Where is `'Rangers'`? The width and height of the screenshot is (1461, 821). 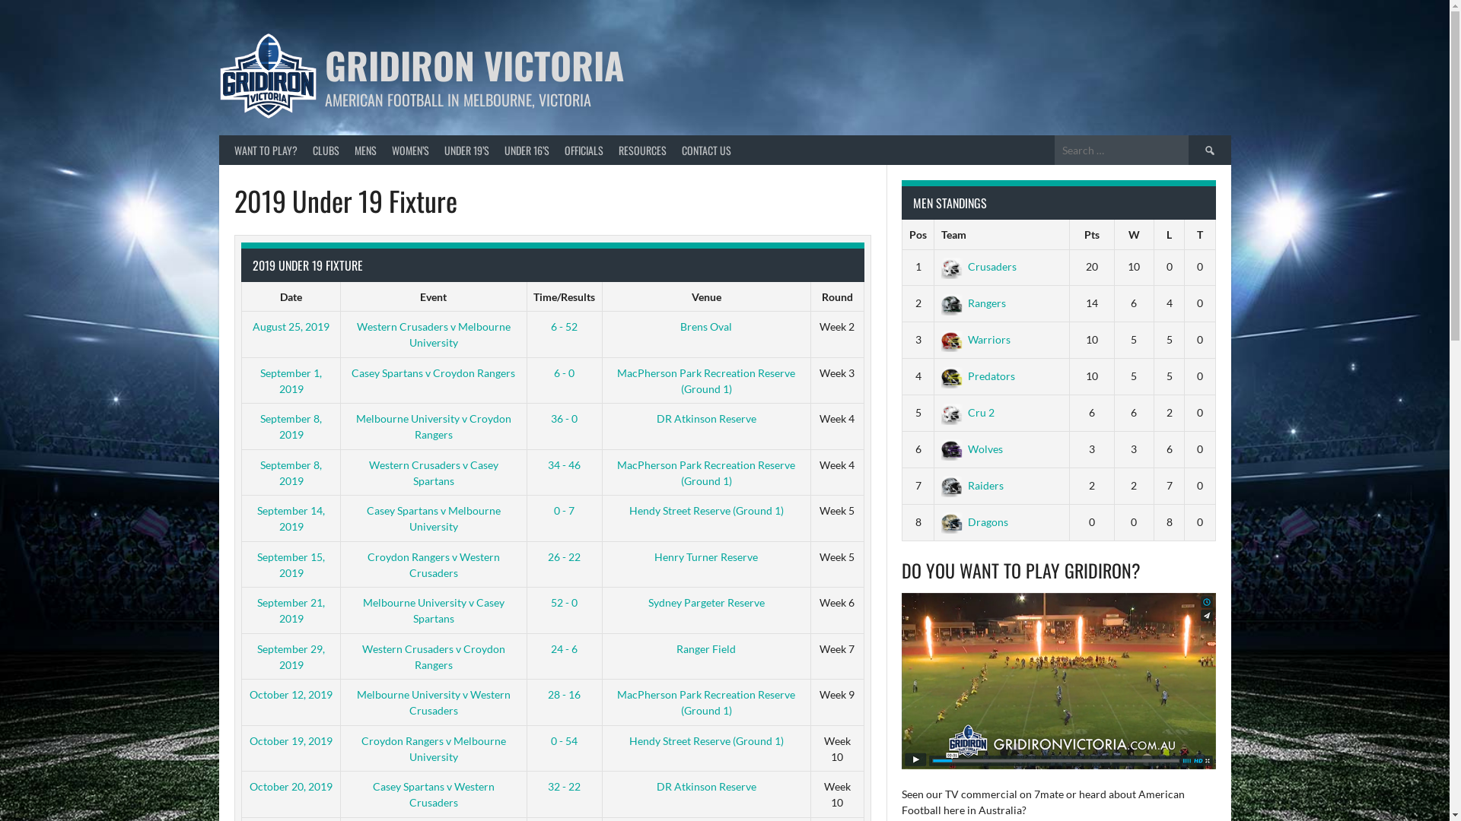
'Rangers' is located at coordinates (972, 303).